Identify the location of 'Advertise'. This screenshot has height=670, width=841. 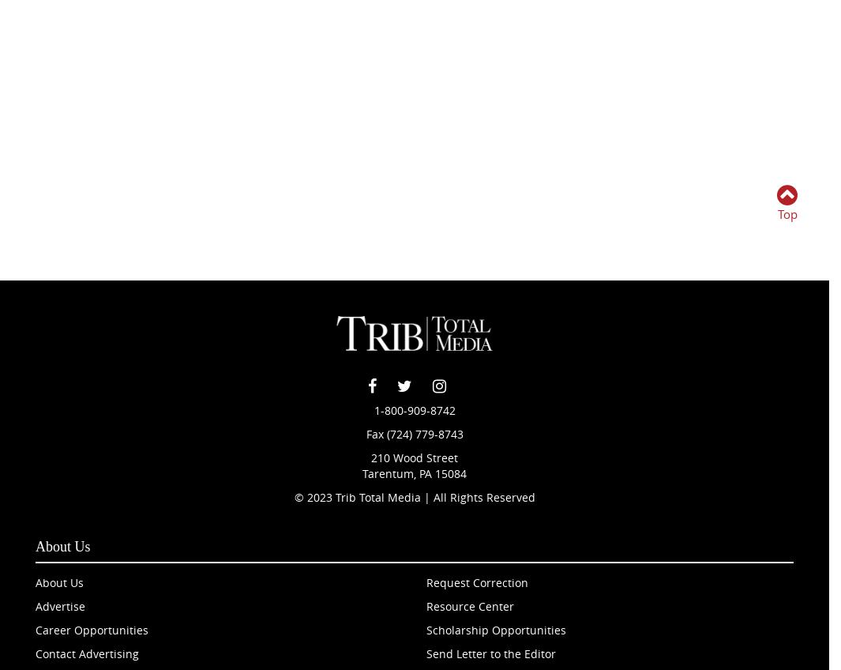
(59, 604).